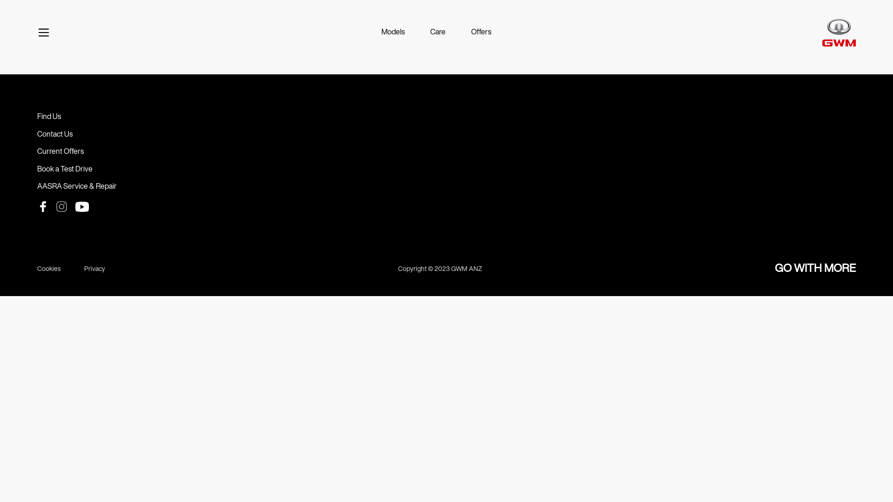  Describe the element at coordinates (48, 116) in the screenshot. I see `'Find Us'` at that location.